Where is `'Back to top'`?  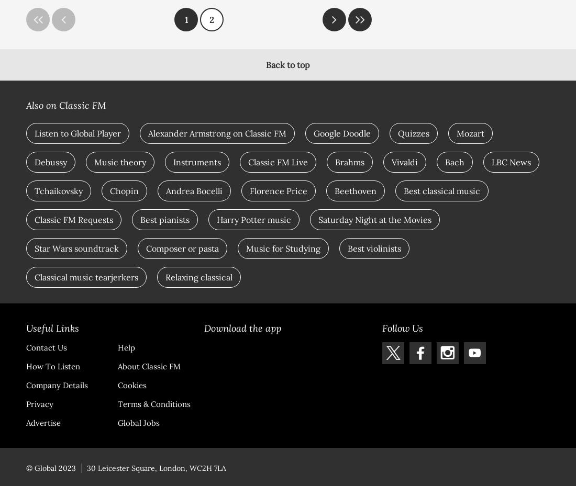
'Back to top' is located at coordinates (288, 65).